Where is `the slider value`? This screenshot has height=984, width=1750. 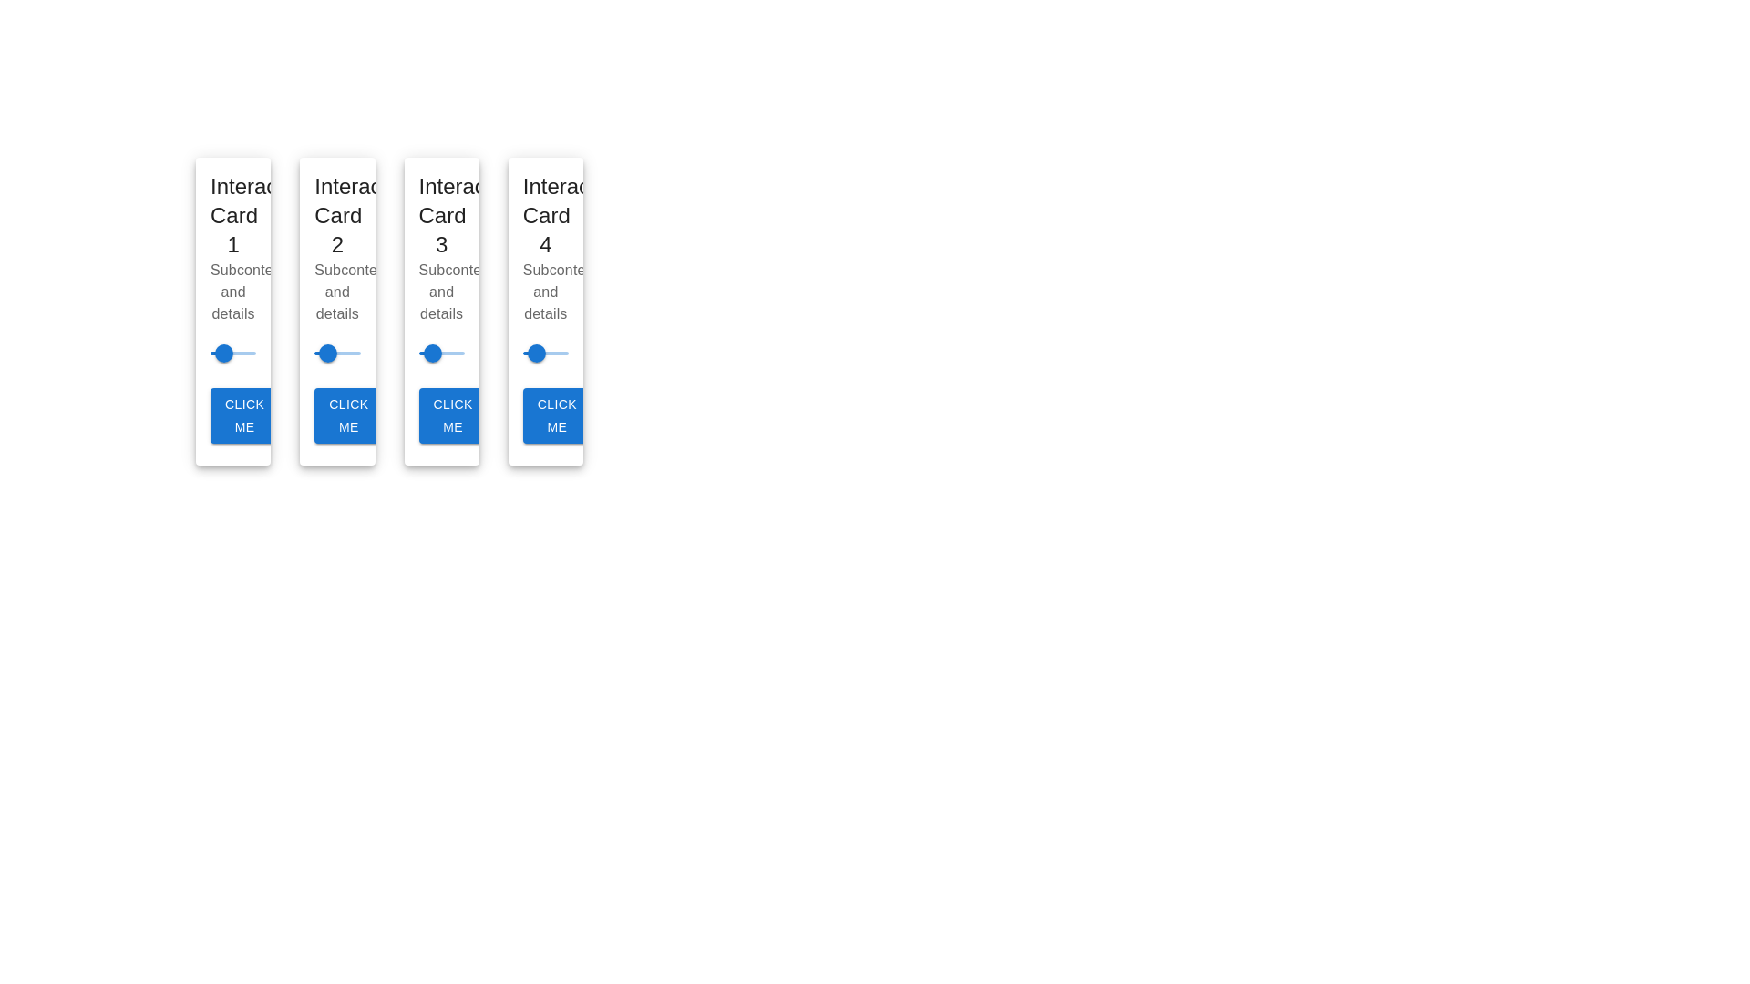 the slider value is located at coordinates (416, 354).